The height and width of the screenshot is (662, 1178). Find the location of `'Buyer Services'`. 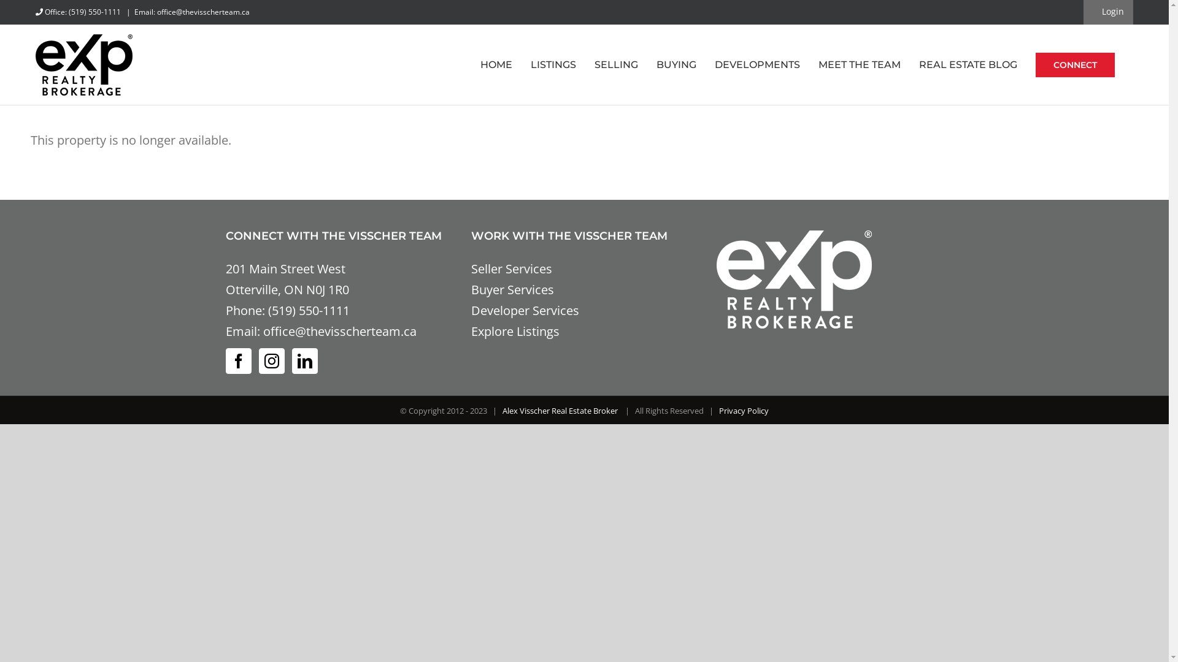

'Buyer Services' is located at coordinates (512, 289).